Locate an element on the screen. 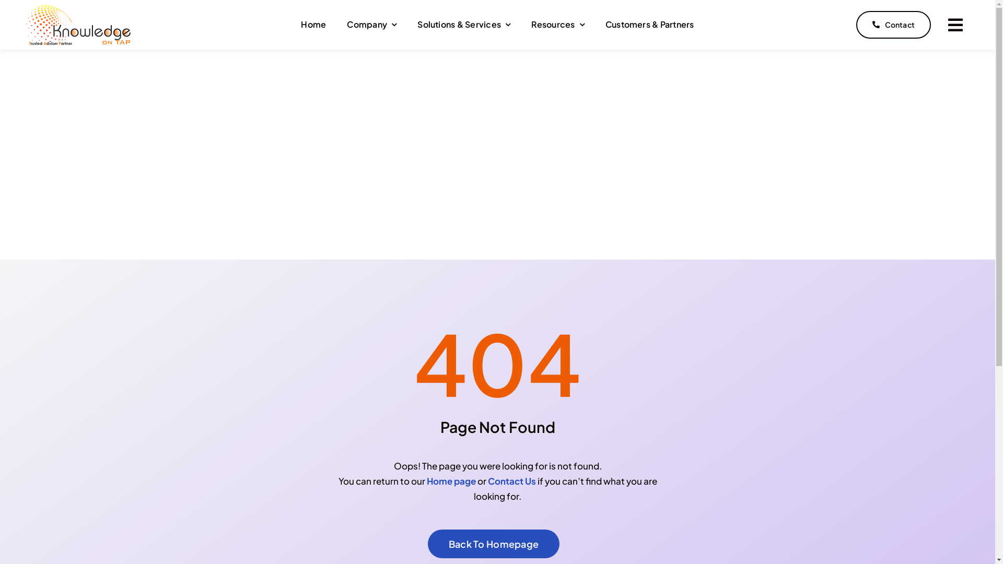 This screenshot has height=564, width=1003. 'Customers & Partners' is located at coordinates (605, 24).